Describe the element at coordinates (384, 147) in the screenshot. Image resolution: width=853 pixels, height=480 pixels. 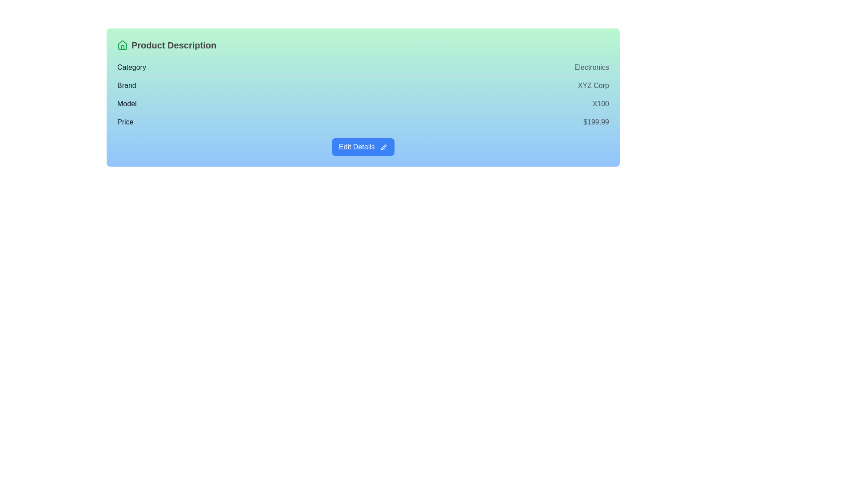
I see `the edit icon located inside the blue button labeled 'Edit Details', positioned to the right of the text` at that location.